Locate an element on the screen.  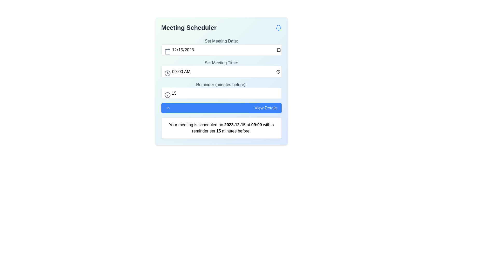
the Date Picker Input Field labeled 'Set Meeting Date:' is located at coordinates (221, 47).